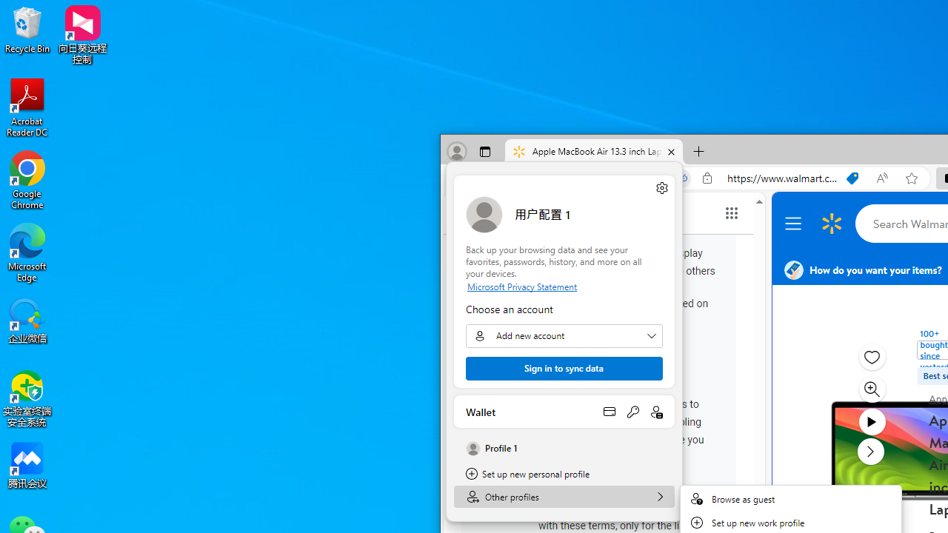 The height and width of the screenshot is (533, 948). What do you see at coordinates (870, 450) in the screenshot?
I see `'next media item'` at bounding box center [870, 450].